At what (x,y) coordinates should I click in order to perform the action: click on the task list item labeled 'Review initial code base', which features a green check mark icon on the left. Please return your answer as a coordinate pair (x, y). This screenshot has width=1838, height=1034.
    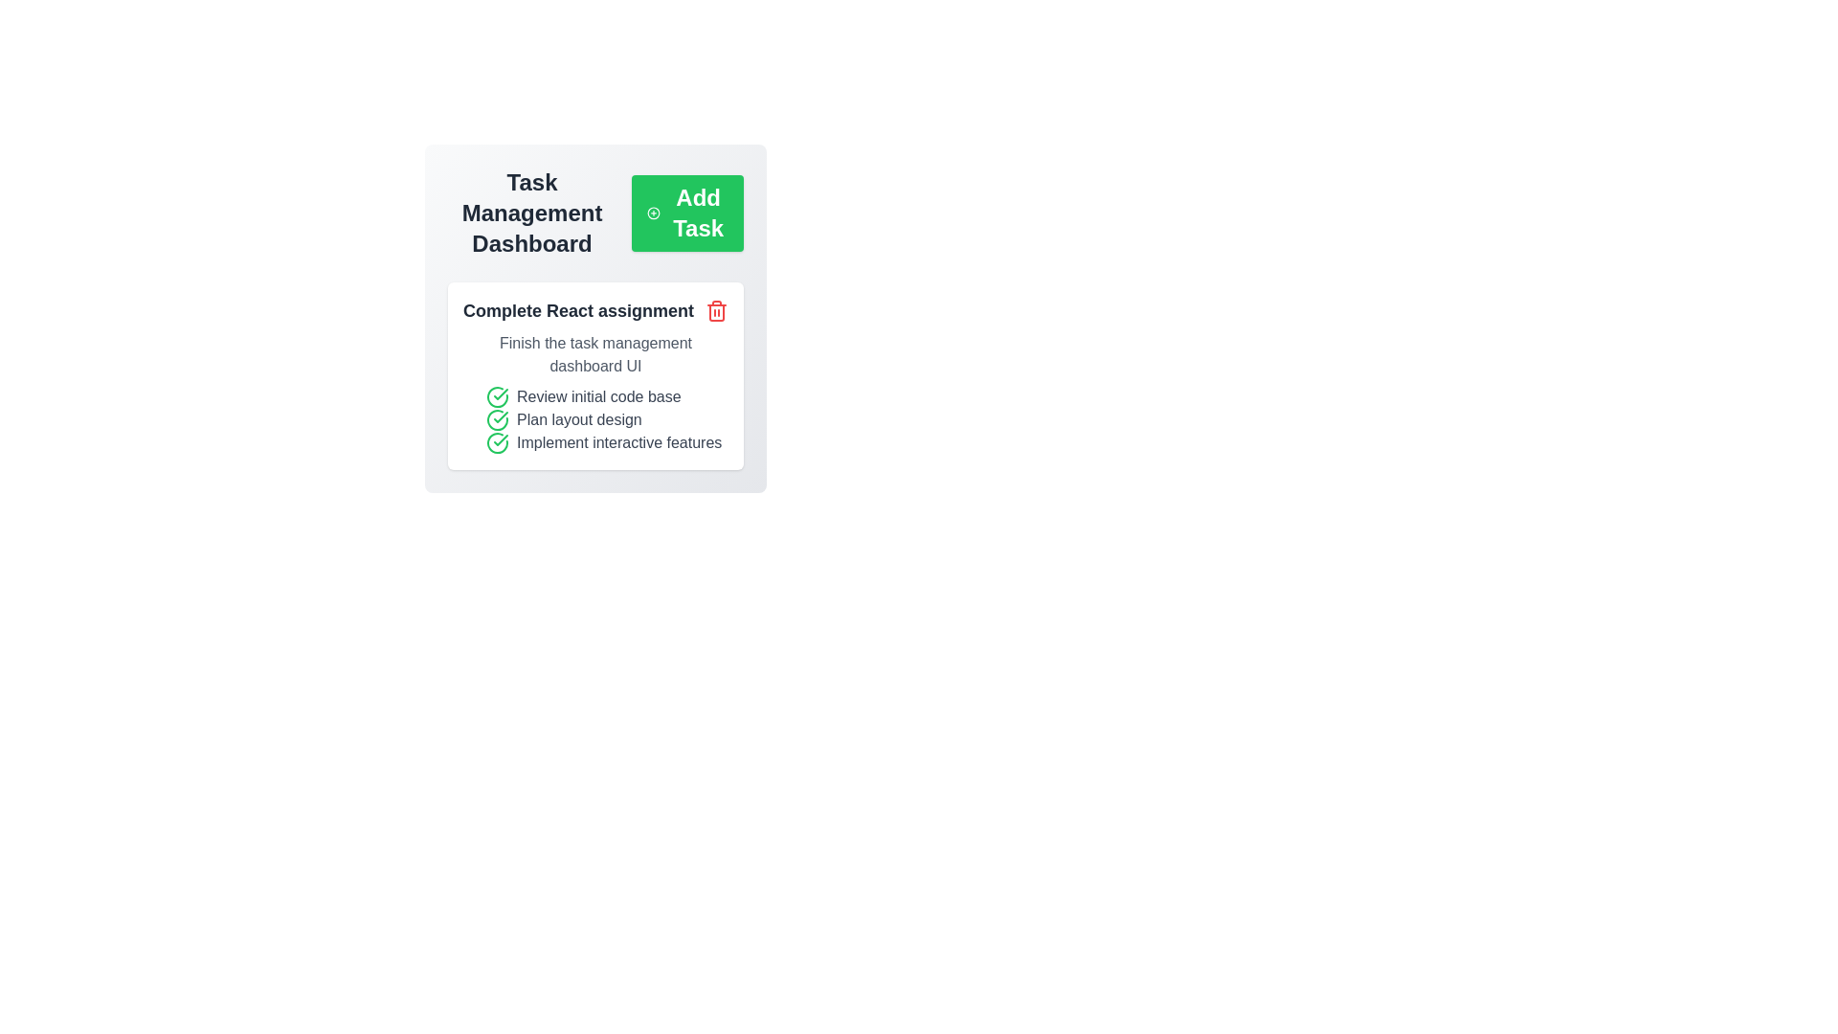
    Looking at the image, I should click on (606, 396).